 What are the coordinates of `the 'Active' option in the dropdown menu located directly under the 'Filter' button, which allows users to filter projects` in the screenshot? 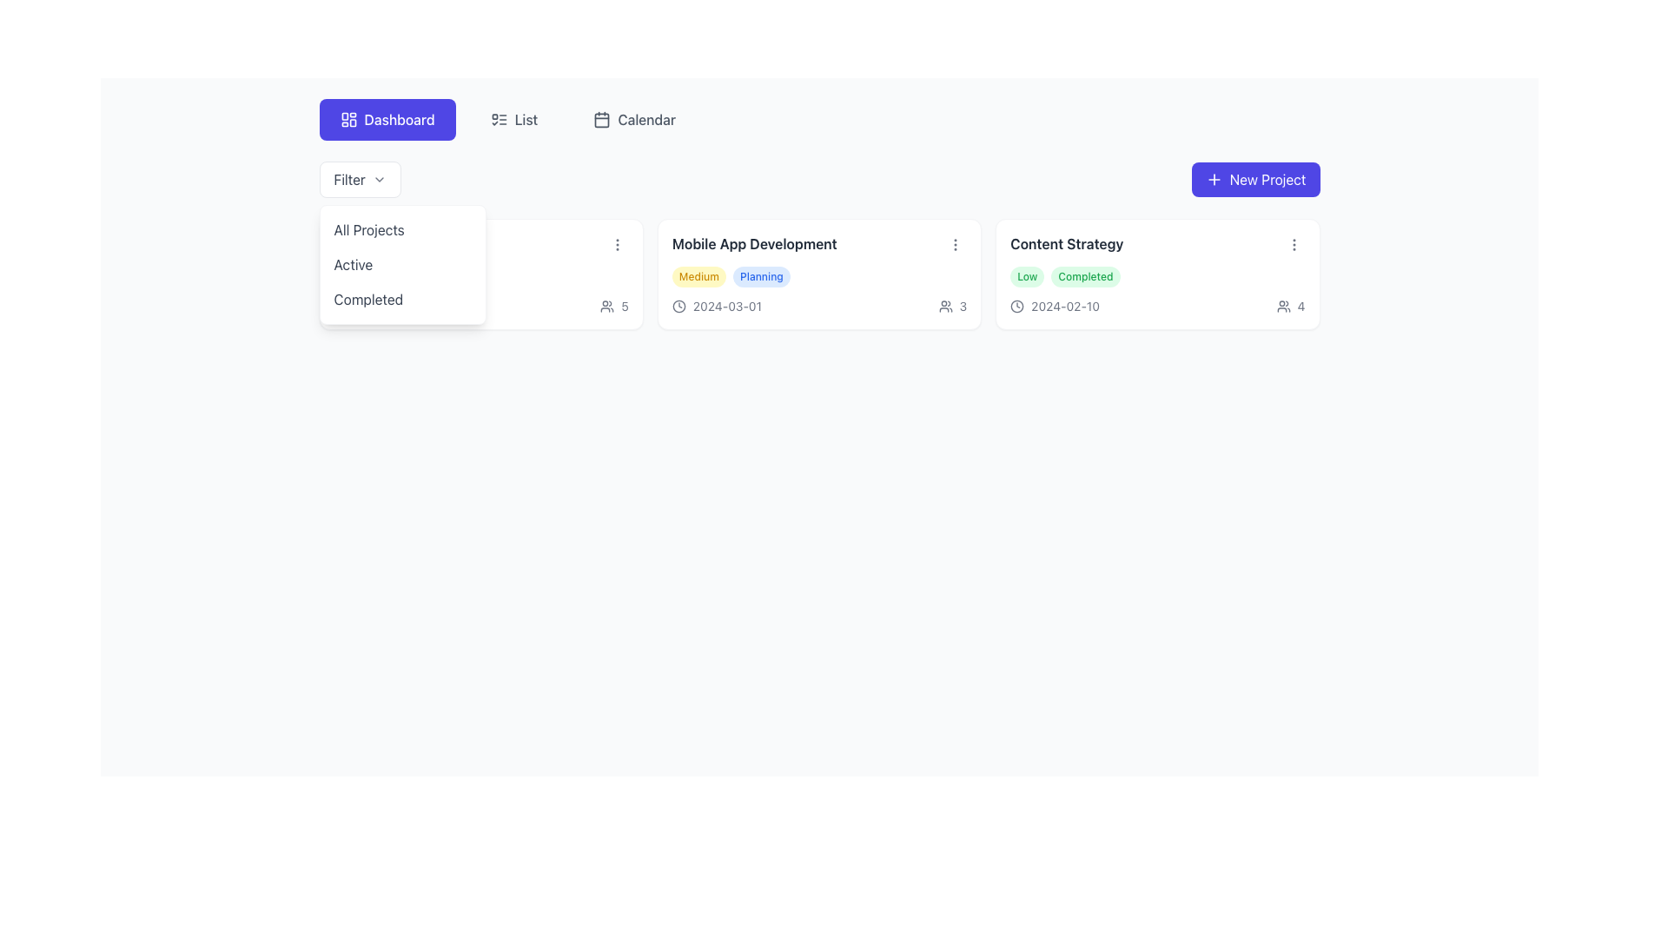 It's located at (401, 264).